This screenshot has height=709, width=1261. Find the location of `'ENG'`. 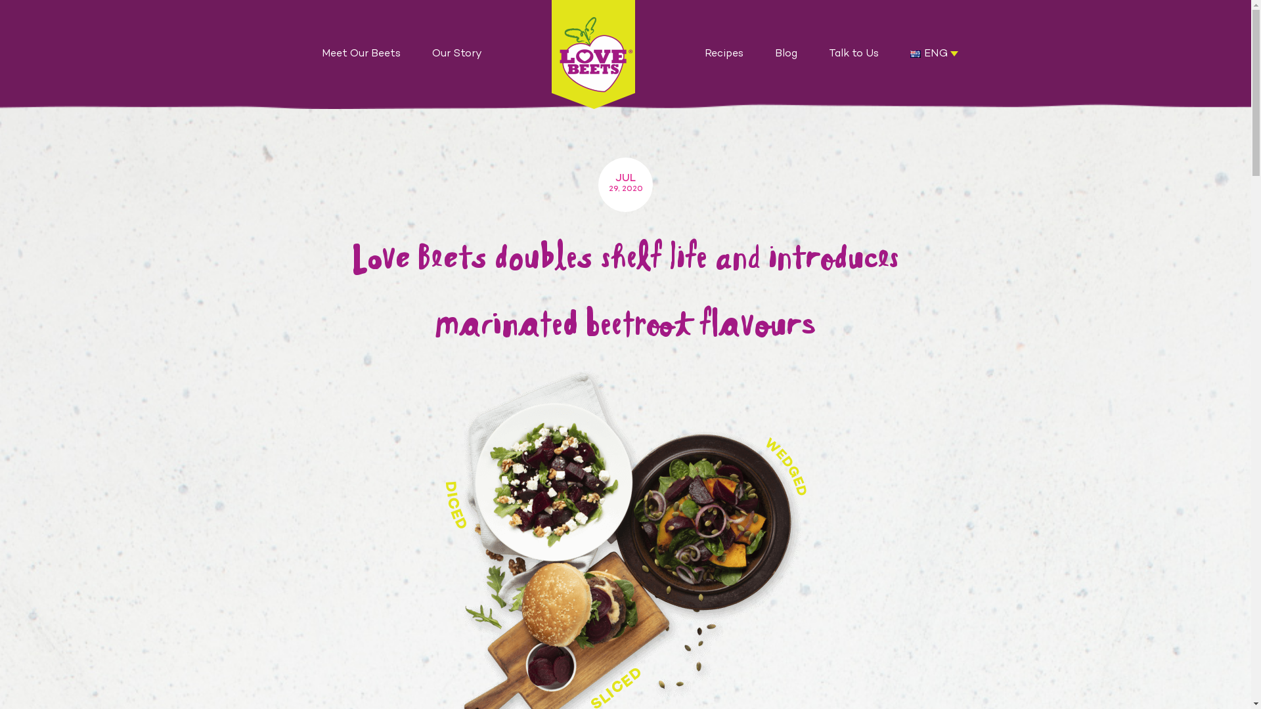

'ENG' is located at coordinates (914, 53).